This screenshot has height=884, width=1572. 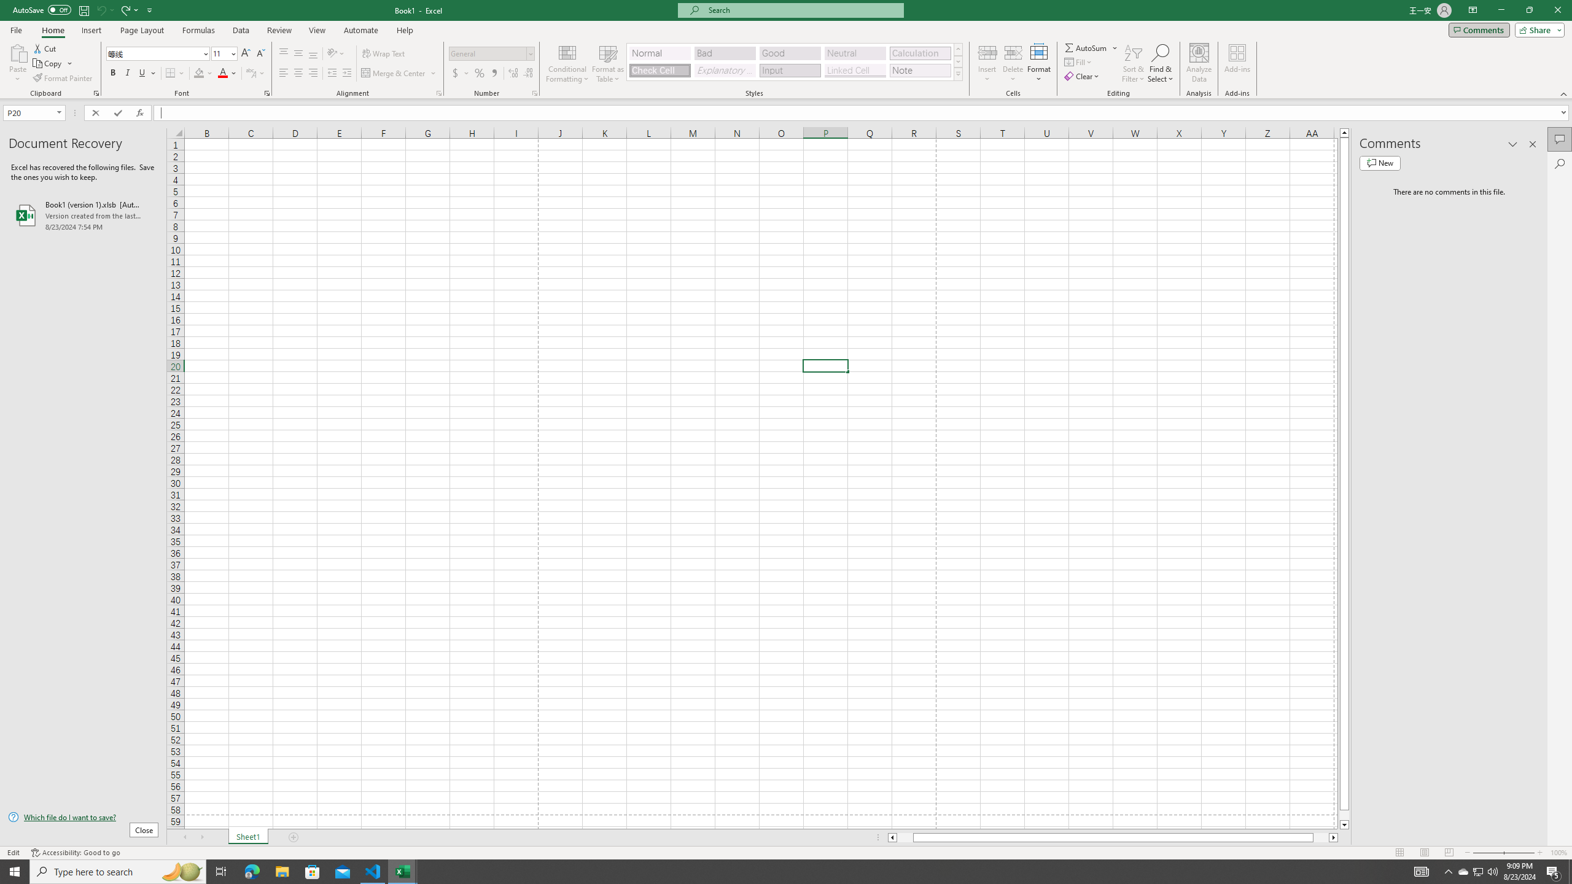 What do you see at coordinates (52, 30) in the screenshot?
I see `'Home'` at bounding box center [52, 30].